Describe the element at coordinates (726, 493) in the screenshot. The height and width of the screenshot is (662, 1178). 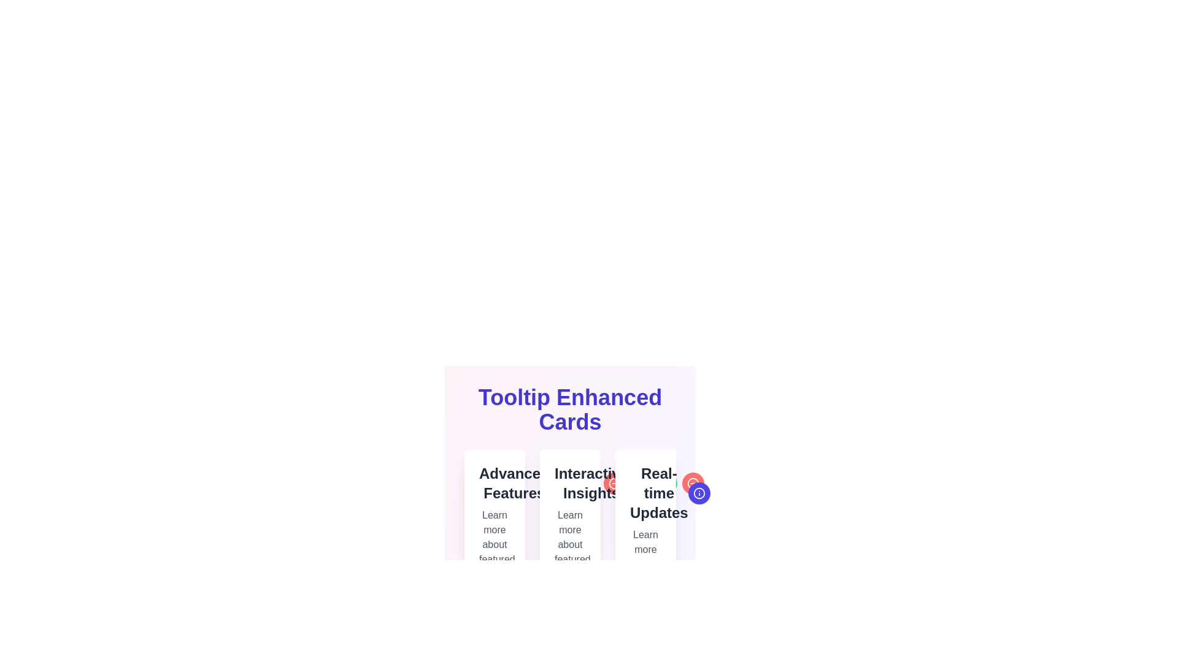
I see `the green circular button in the bottom-right corner of the 'Real-time Updates' card to invoke the addition functionality` at that location.